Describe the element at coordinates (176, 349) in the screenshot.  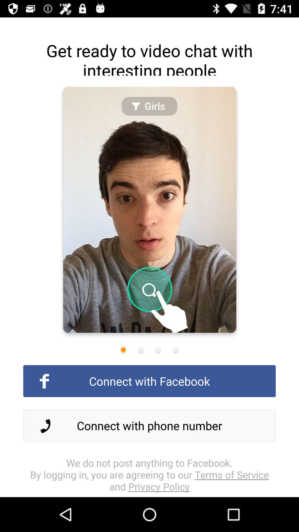
I see `change photo` at that location.